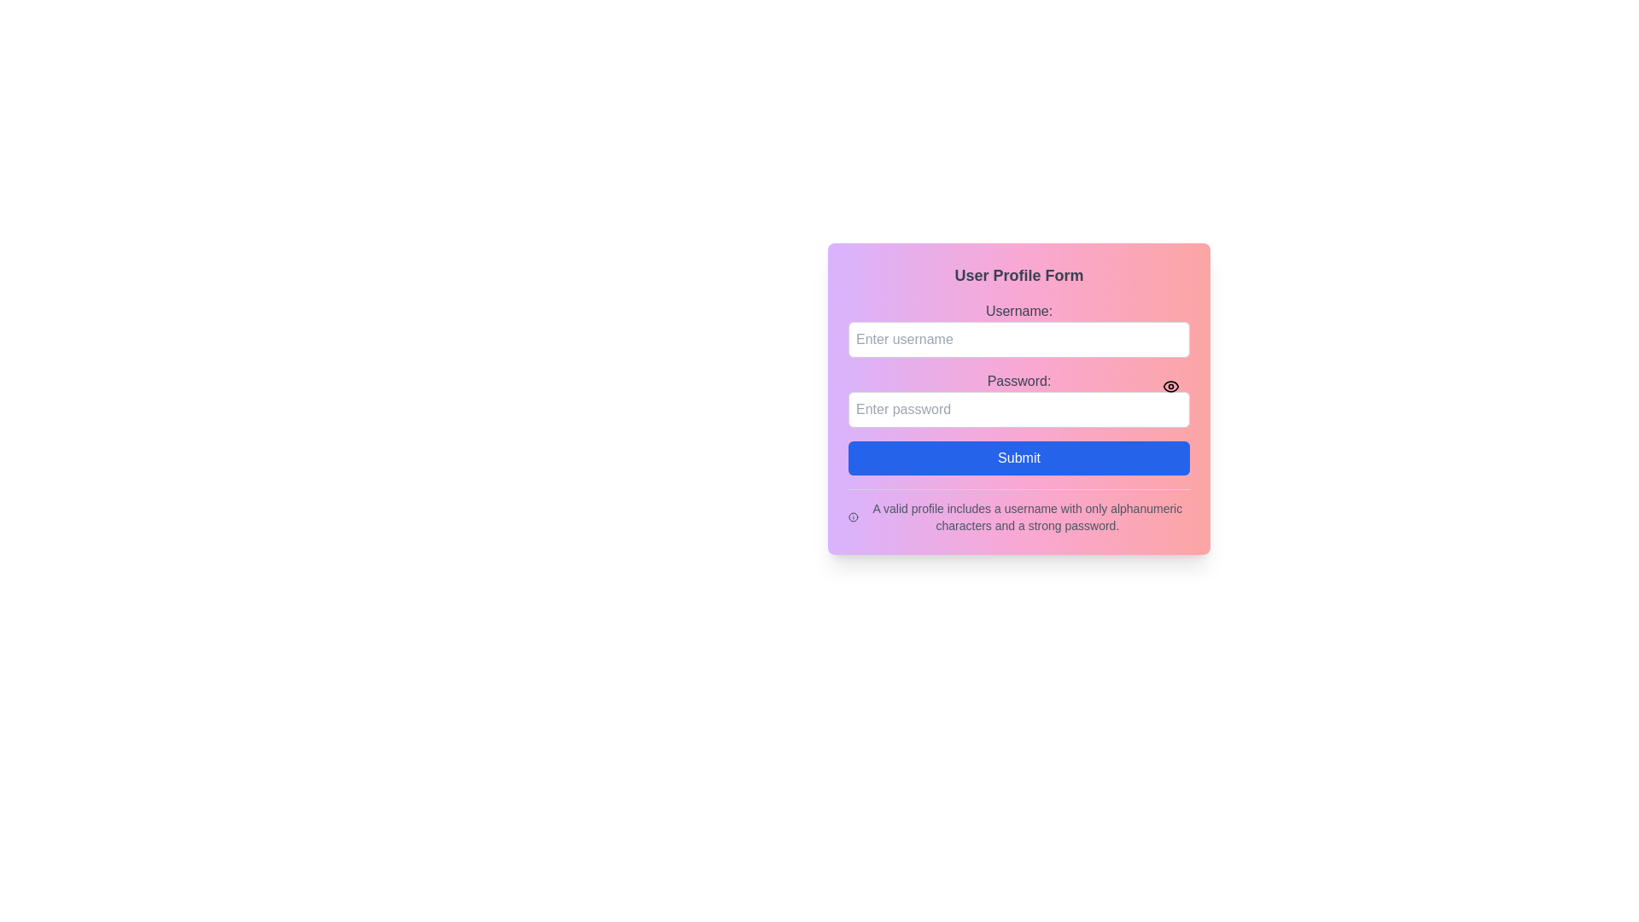 Image resolution: width=1639 pixels, height=922 pixels. Describe the element at coordinates (1026, 516) in the screenshot. I see `the informational text label that guides users on username and password requirements, positioned below the 'Submit' button` at that location.